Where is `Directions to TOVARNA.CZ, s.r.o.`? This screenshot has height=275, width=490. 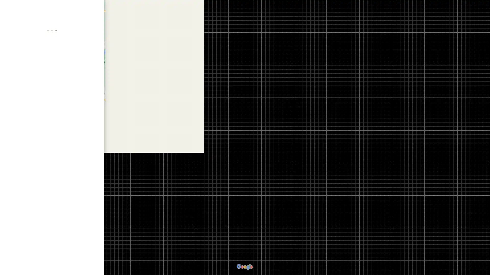 Directions to TOVARNA.CZ, s.r.o. is located at coordinates (15, 99).